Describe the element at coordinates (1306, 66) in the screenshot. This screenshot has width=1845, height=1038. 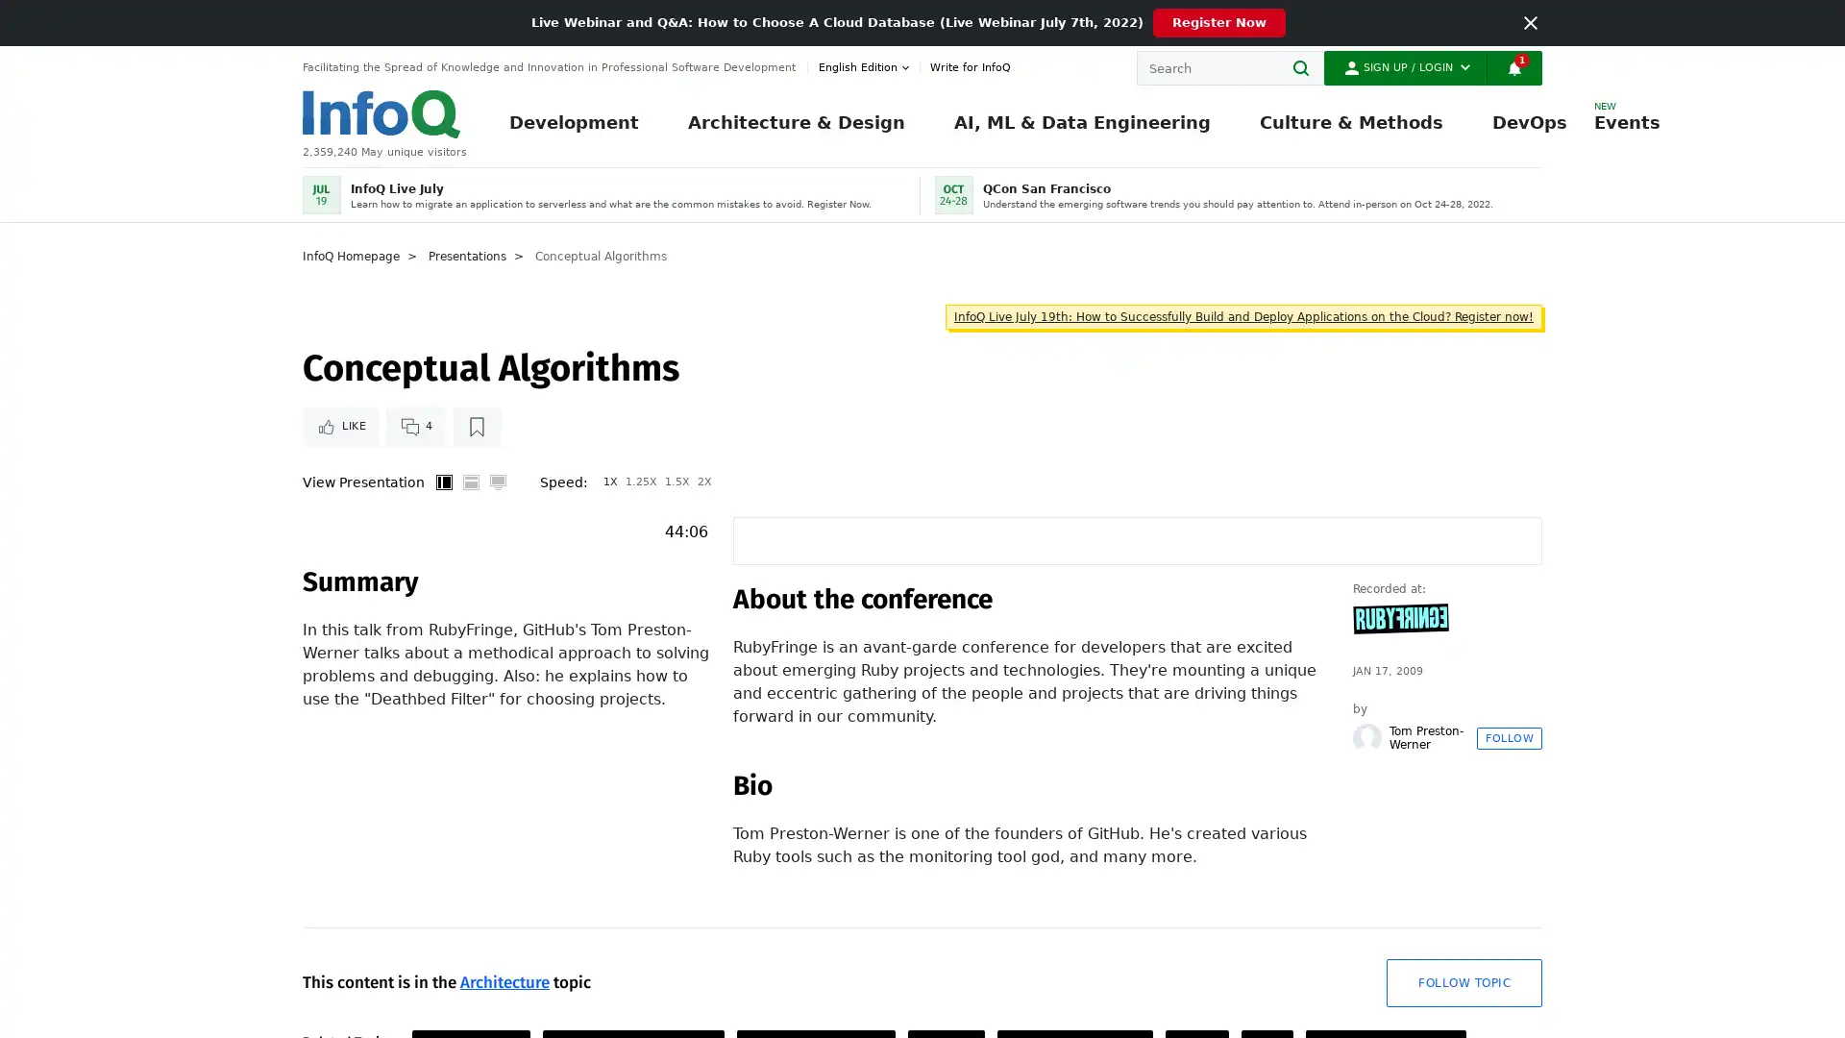
I see `Search` at that location.